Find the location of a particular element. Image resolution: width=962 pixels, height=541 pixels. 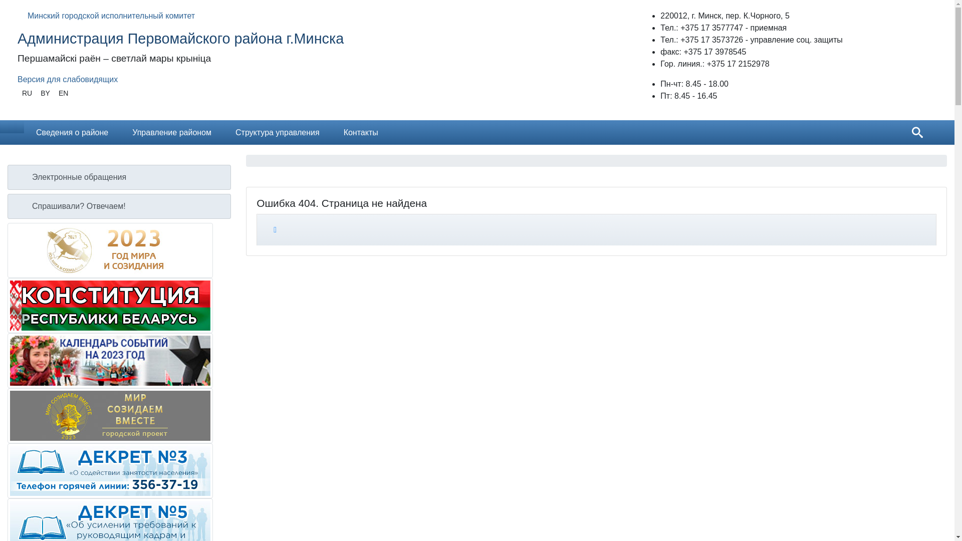

'RU' is located at coordinates (27, 93).